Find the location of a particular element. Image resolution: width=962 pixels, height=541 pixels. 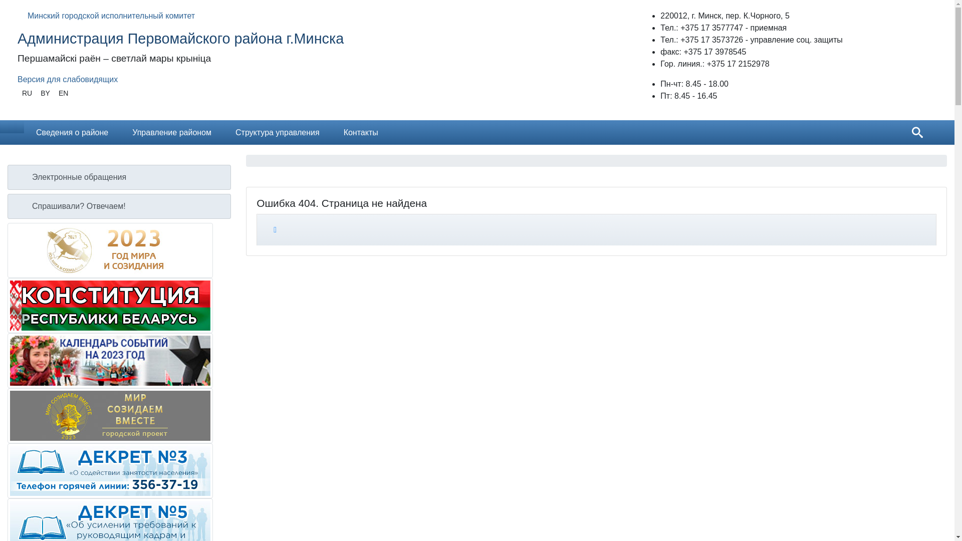

'RU' is located at coordinates (27, 93).